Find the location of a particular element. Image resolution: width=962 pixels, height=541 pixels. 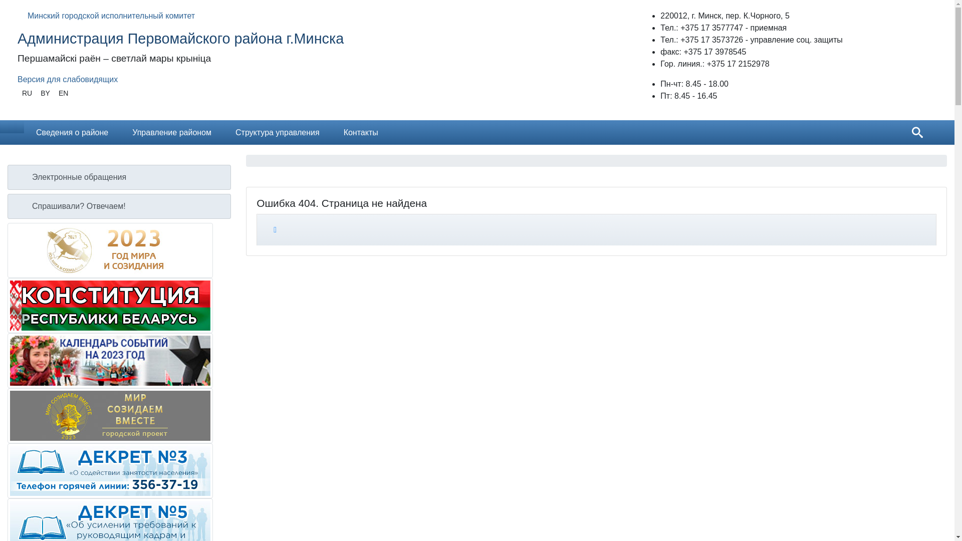

'RU' is located at coordinates (27, 93).